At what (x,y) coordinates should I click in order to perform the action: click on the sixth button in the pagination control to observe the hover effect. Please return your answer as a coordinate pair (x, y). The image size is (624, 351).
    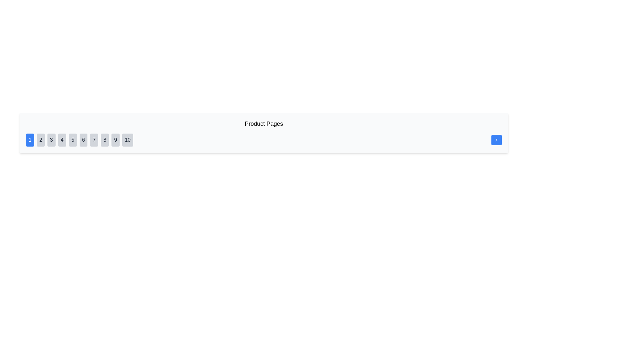
    Looking at the image, I should click on (83, 140).